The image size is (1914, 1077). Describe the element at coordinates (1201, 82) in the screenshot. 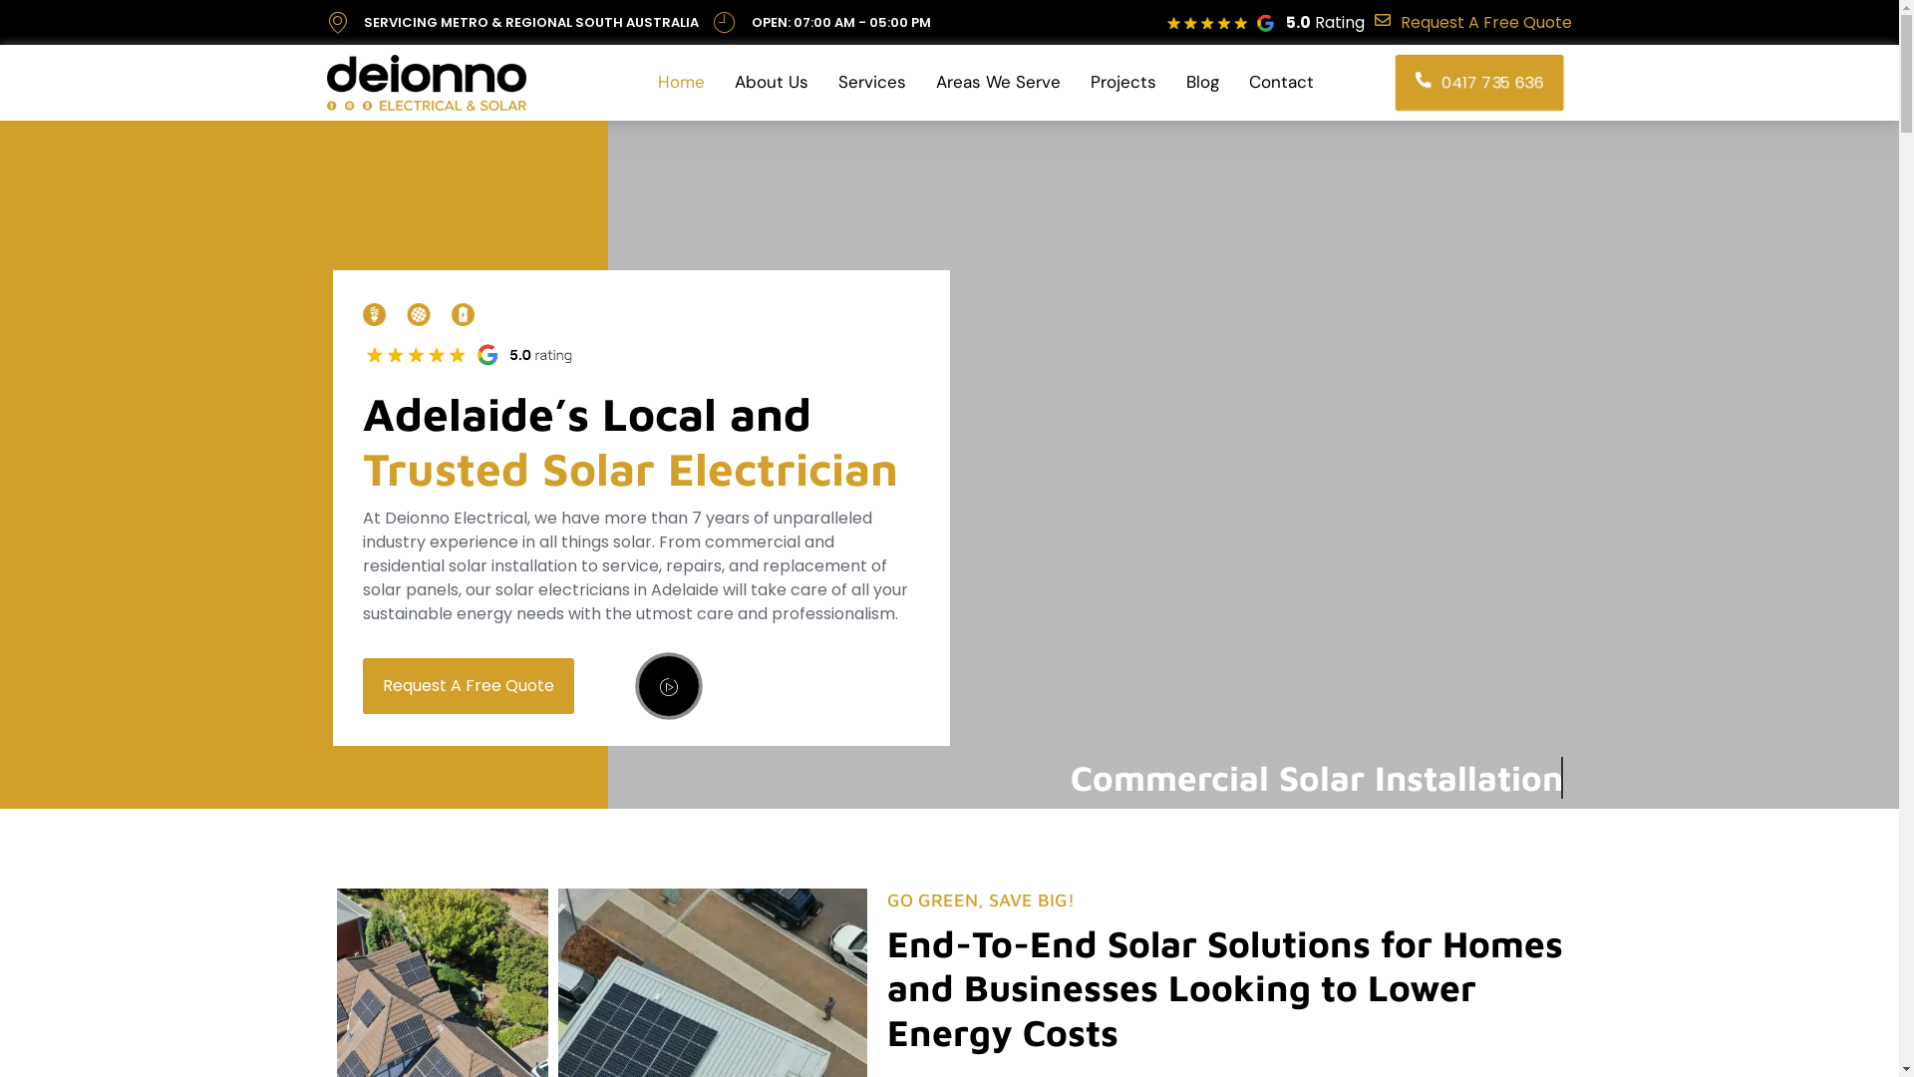

I see `'Blog'` at that location.